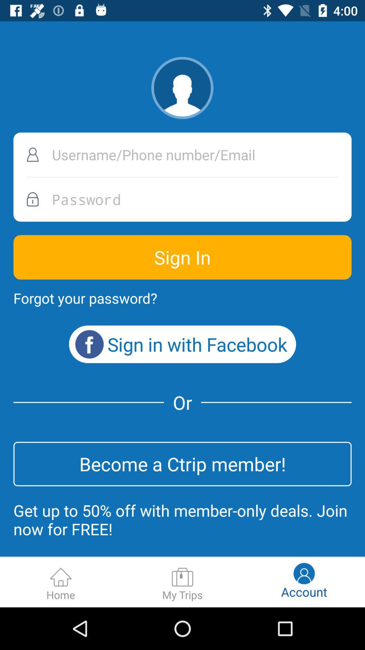  I want to click on item above sign in with, so click(85, 298).